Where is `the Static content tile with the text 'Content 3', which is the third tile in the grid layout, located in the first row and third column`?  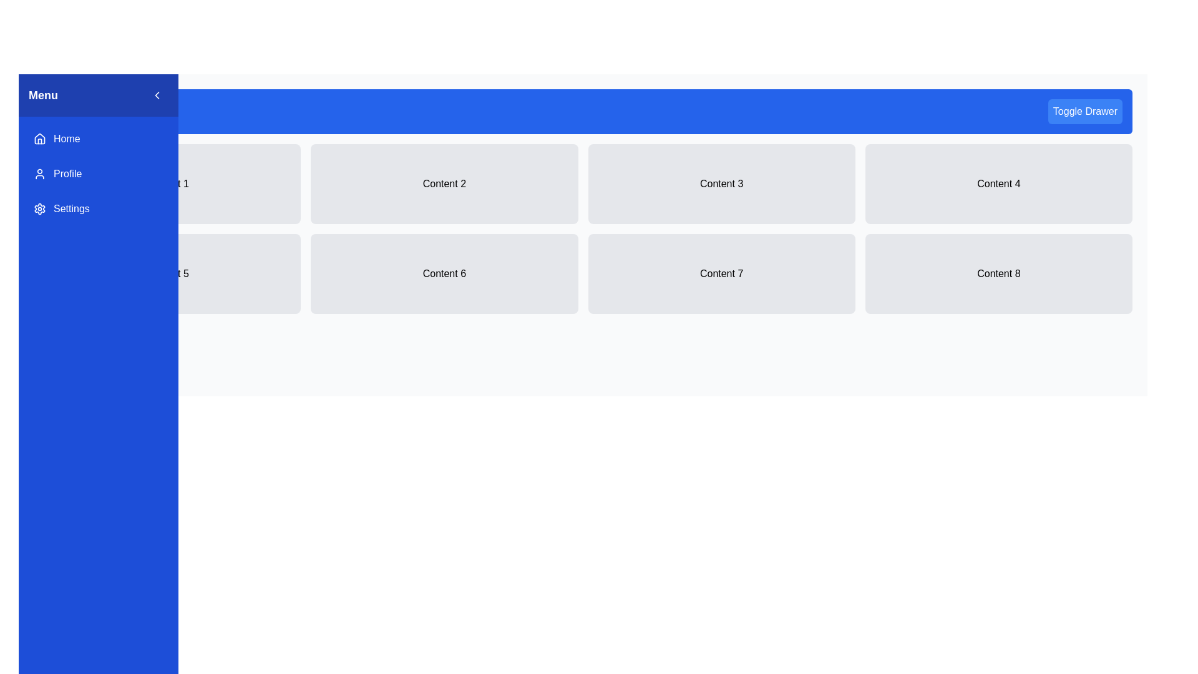
the Static content tile with the text 'Content 3', which is the third tile in the grid layout, located in the first row and third column is located at coordinates (721, 183).